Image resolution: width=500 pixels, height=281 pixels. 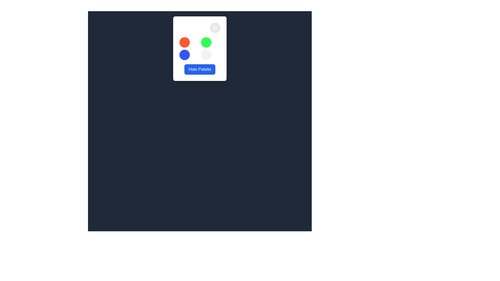 What do you see at coordinates (206, 42) in the screenshot?
I see `the non-interactive circle element located in the top-right position among the four circular elements in the grid layout` at bounding box center [206, 42].